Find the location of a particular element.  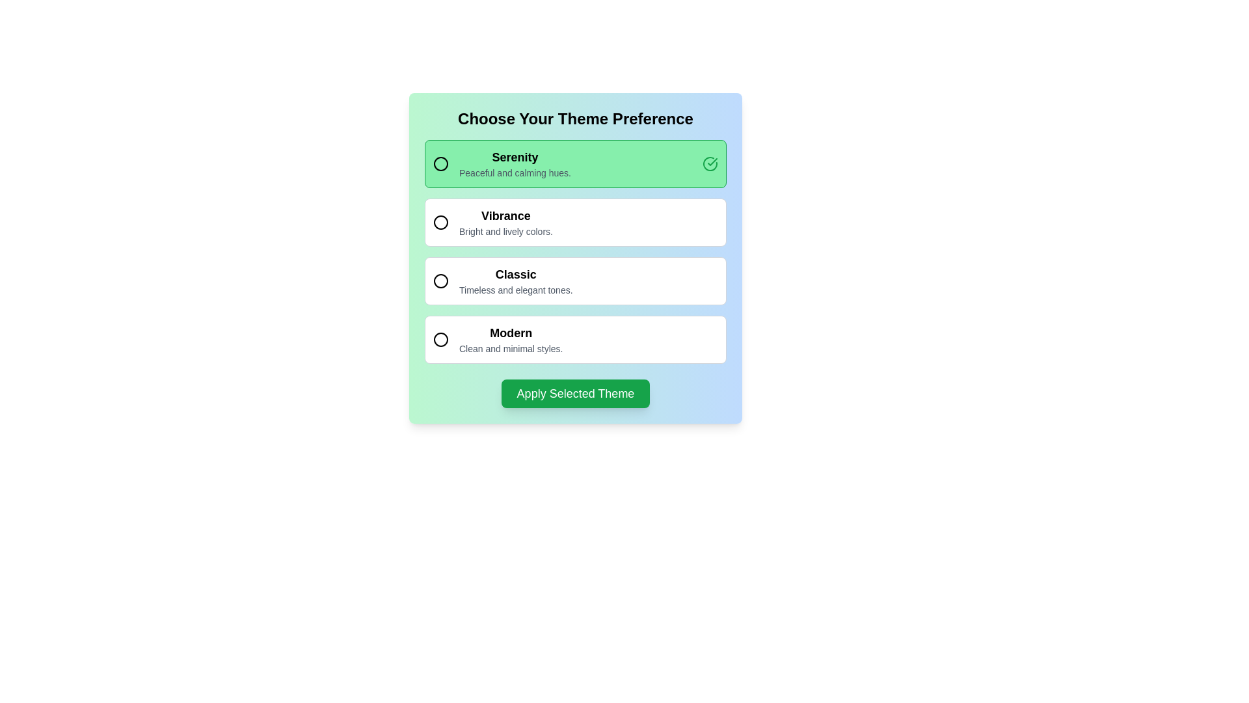

text from the 'Modern' theme option in the theme selection interface, located in the fourth selection option of the 'Choose Your Theme Preference' form is located at coordinates (510, 338).